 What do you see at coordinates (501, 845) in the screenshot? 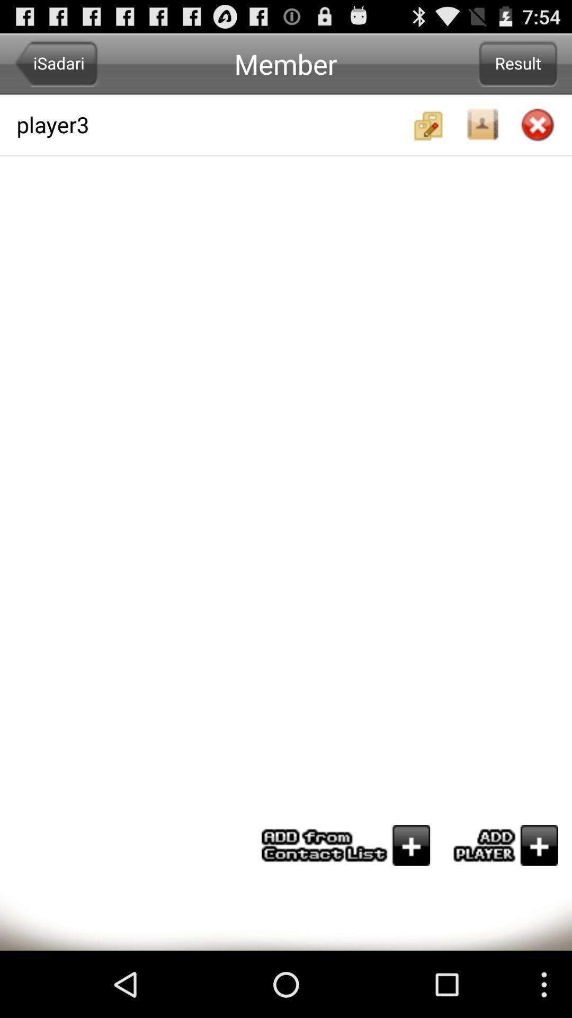
I see `player` at bounding box center [501, 845].